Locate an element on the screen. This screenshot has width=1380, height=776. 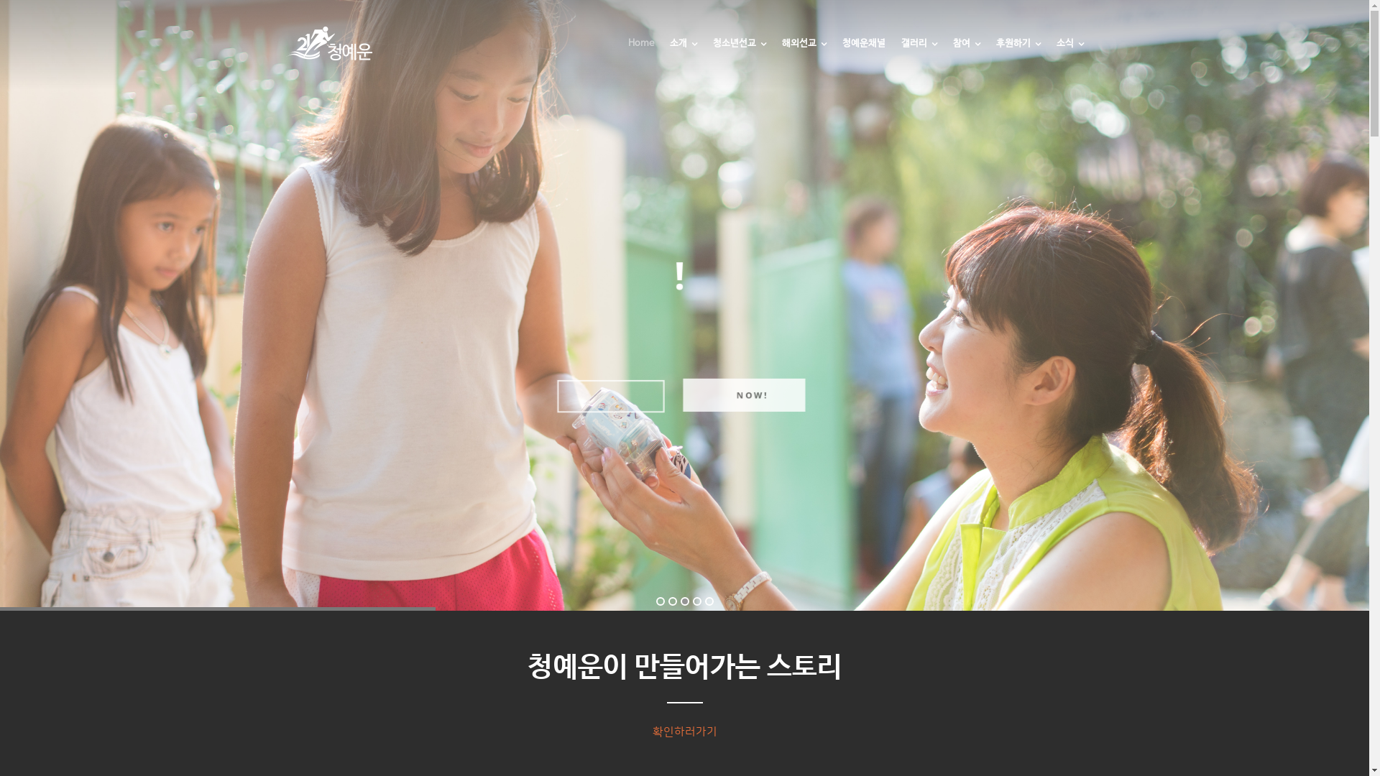
'Home' is located at coordinates (640, 54).